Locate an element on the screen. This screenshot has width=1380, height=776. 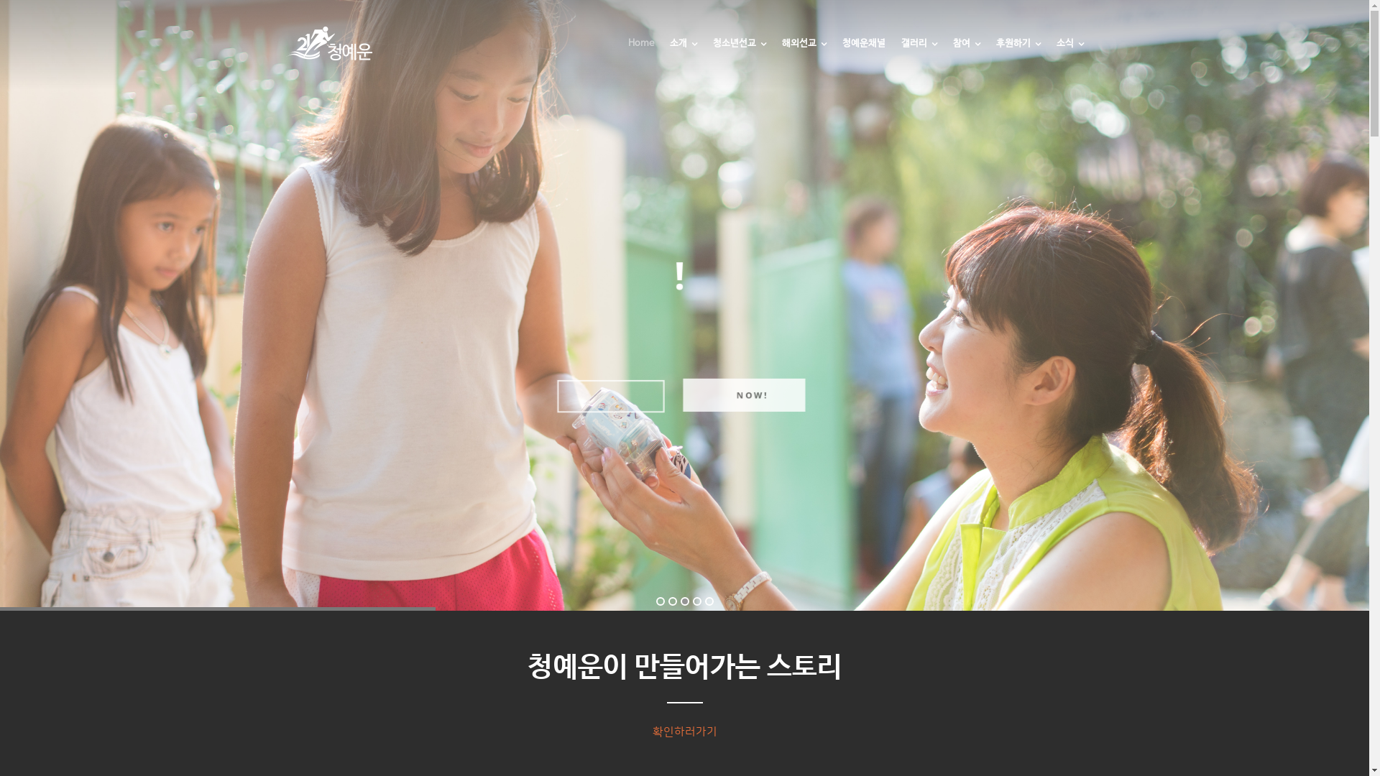
'Home' is located at coordinates (640, 54).